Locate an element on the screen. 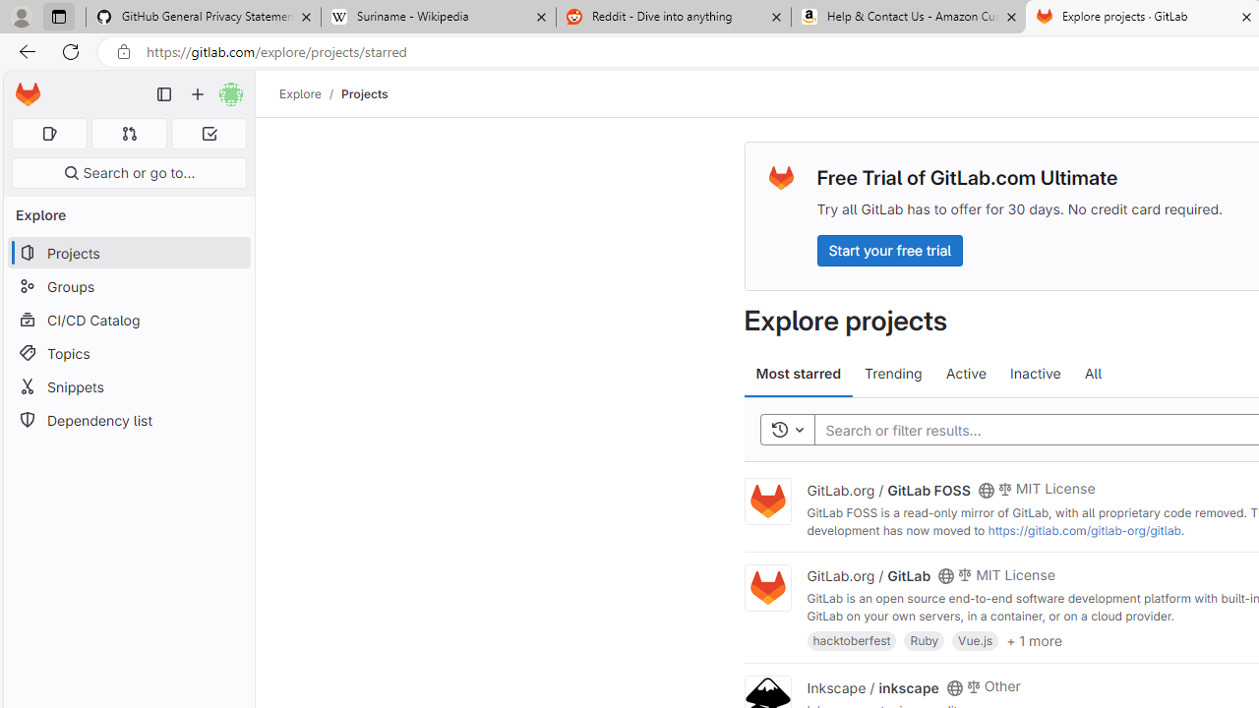  'Reddit - Dive into anything' is located at coordinates (673, 17).